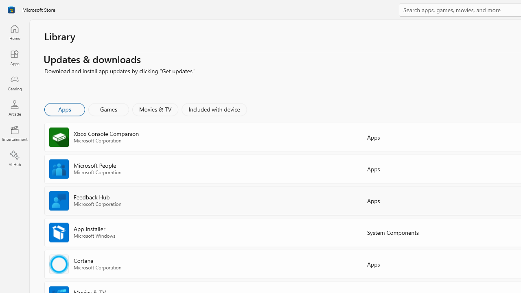 Image resolution: width=521 pixels, height=293 pixels. I want to click on 'Home', so click(14, 32).